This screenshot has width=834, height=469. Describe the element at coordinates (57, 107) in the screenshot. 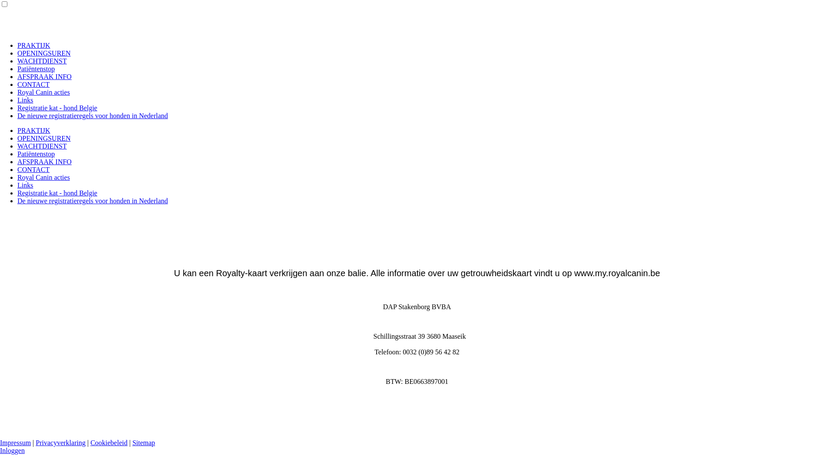

I see `'Registratie kat - hond Belgie'` at that location.